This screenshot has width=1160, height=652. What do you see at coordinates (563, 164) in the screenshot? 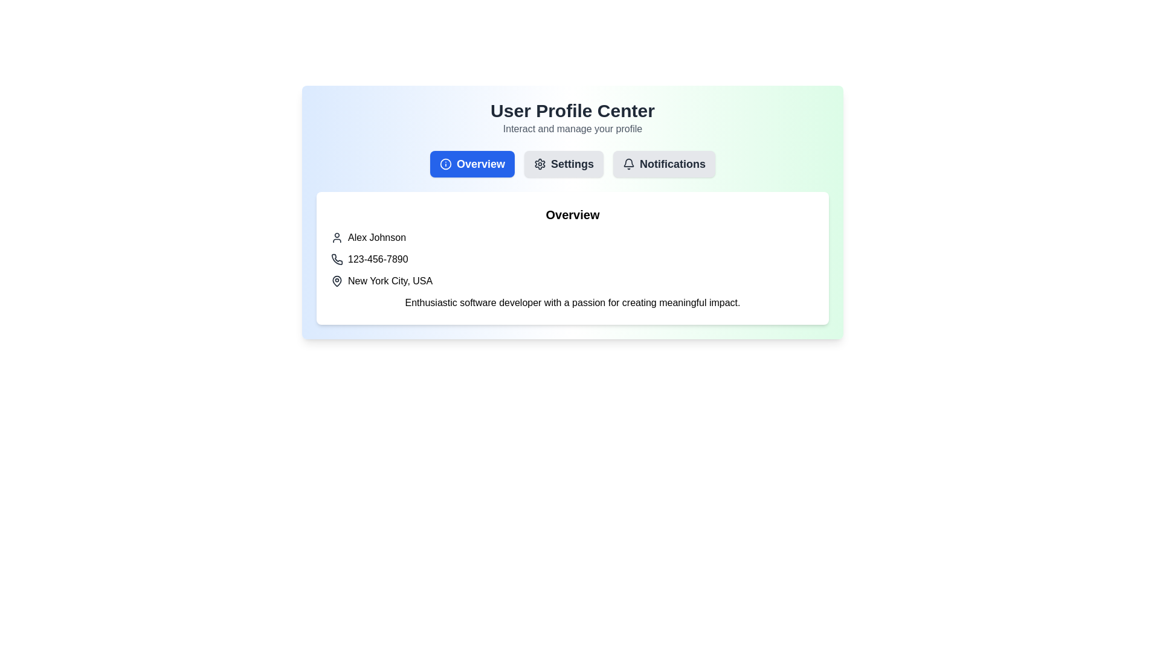
I see `the 'Settings' button, the second button in a horizontal group of three, to observe a background color change to blue` at bounding box center [563, 164].